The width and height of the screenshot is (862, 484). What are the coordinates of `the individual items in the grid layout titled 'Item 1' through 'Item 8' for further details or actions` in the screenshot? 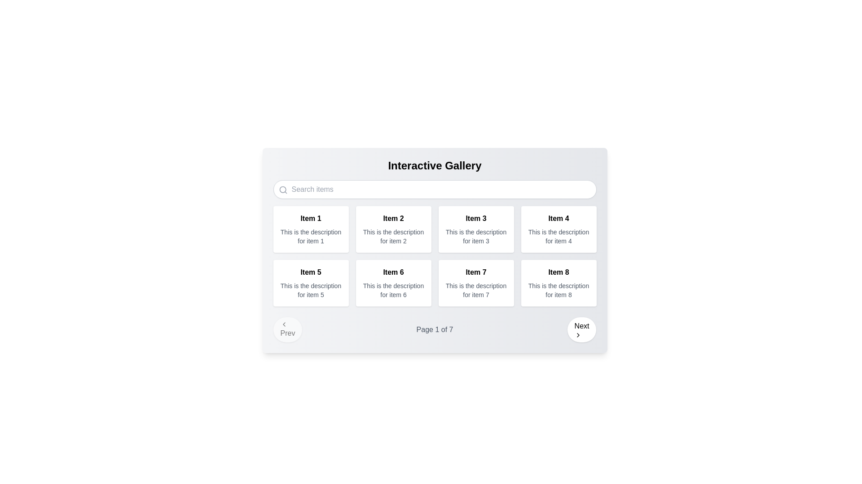 It's located at (435, 256).